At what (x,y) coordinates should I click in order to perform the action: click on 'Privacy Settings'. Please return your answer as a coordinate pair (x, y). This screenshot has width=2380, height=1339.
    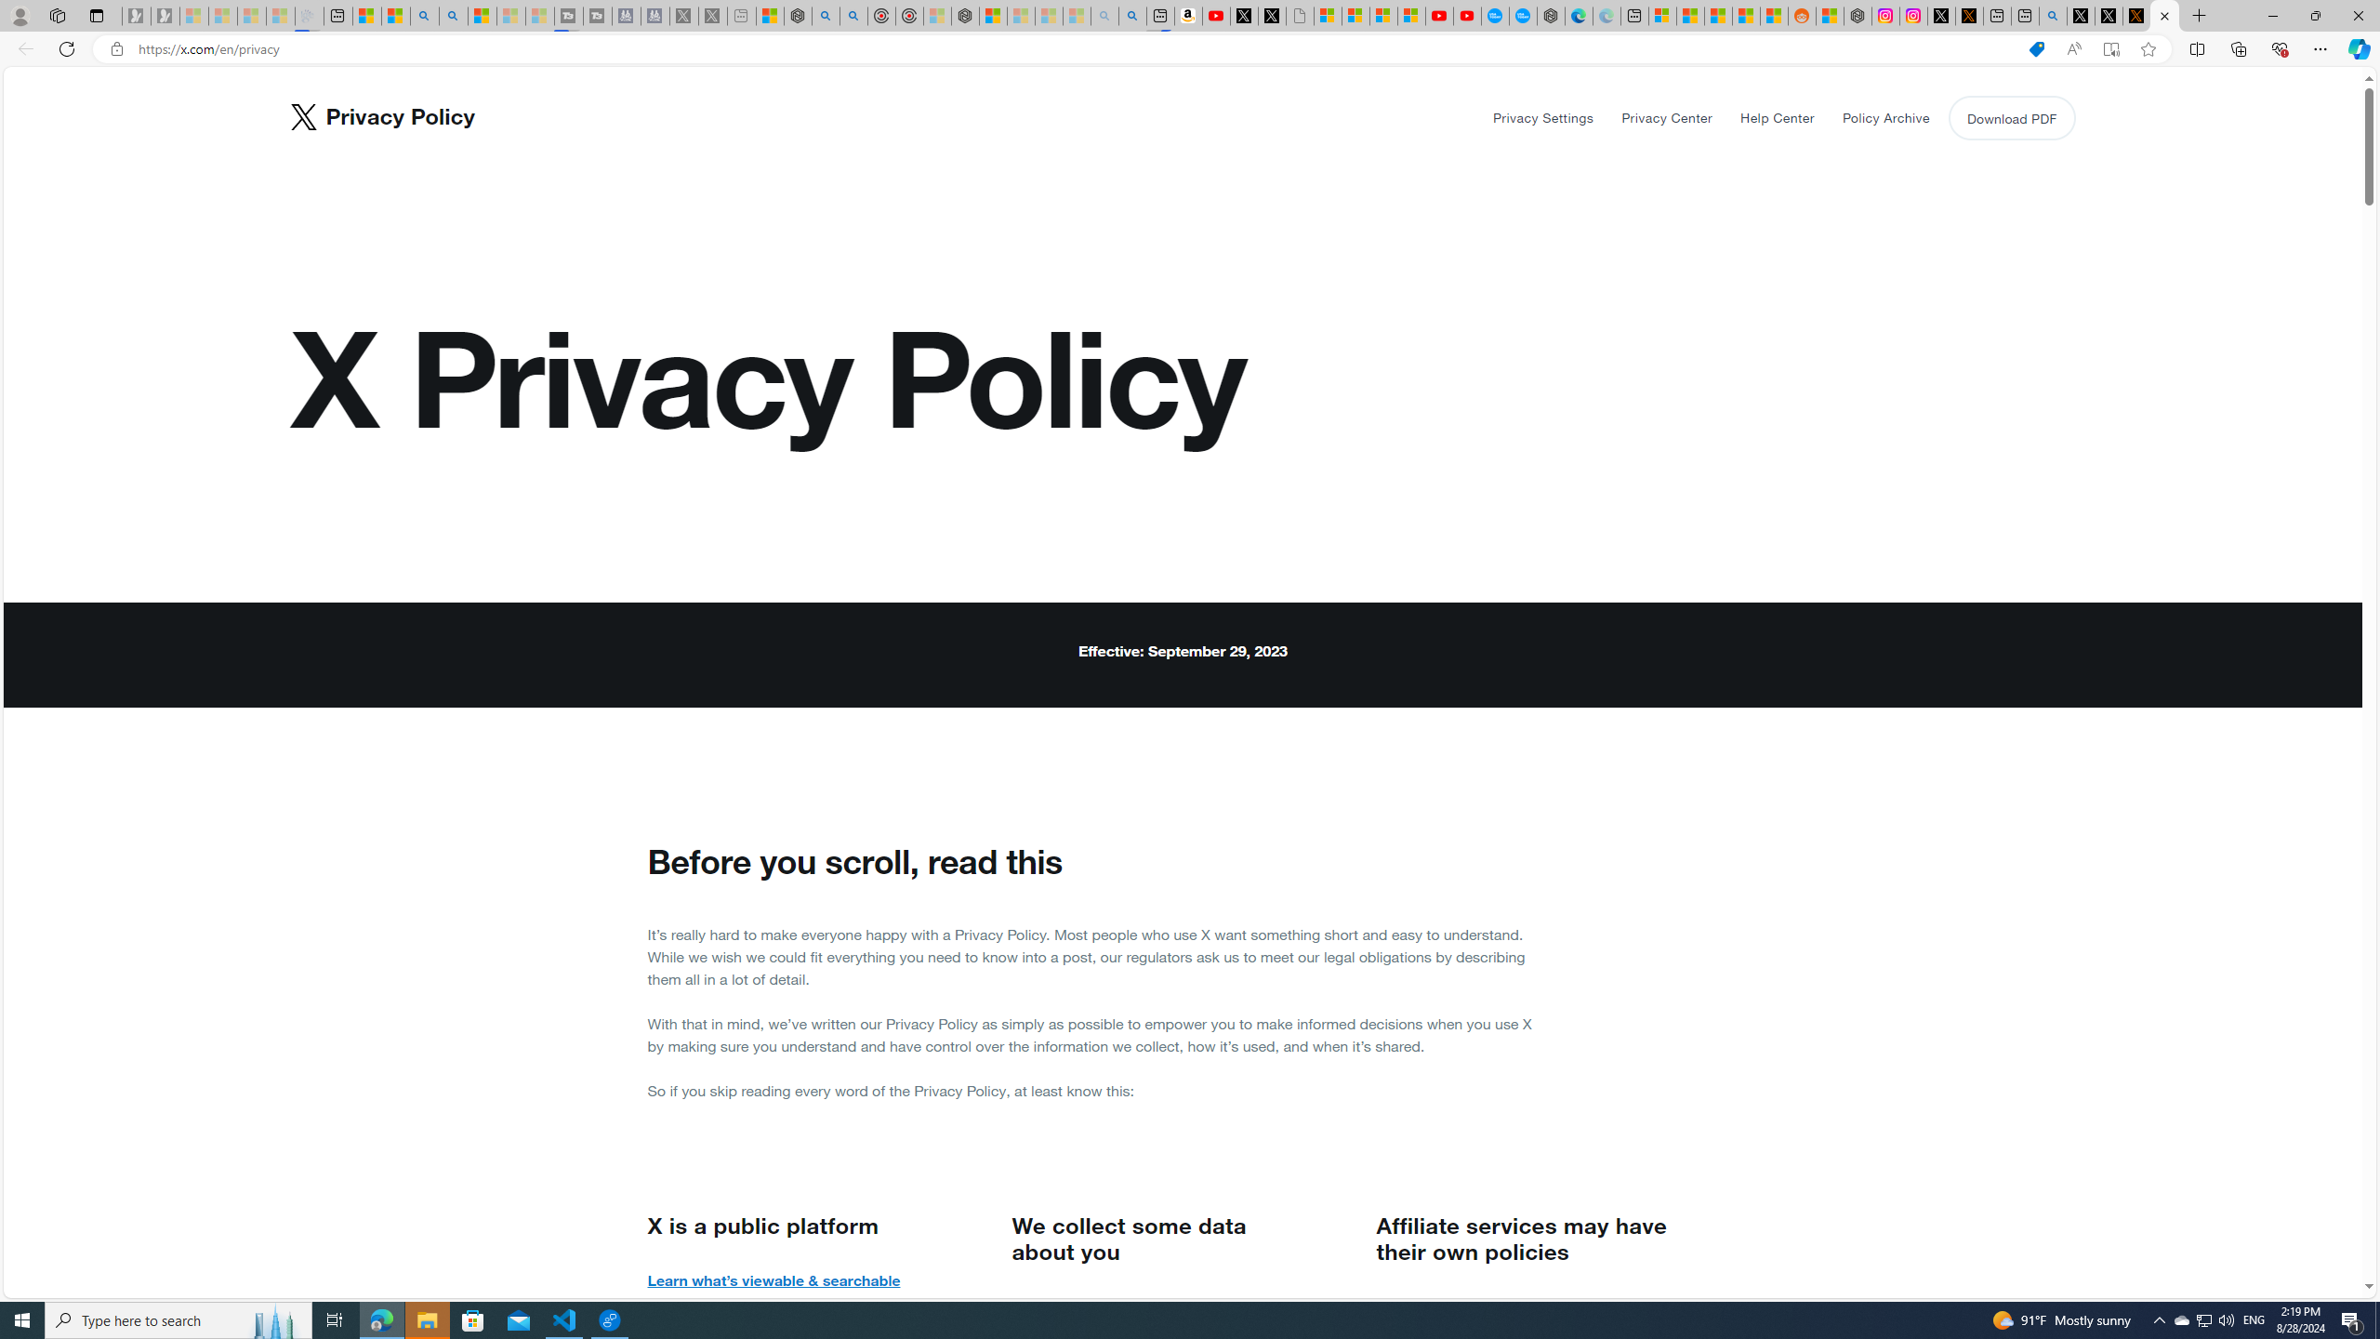
    Looking at the image, I should click on (1542, 117).